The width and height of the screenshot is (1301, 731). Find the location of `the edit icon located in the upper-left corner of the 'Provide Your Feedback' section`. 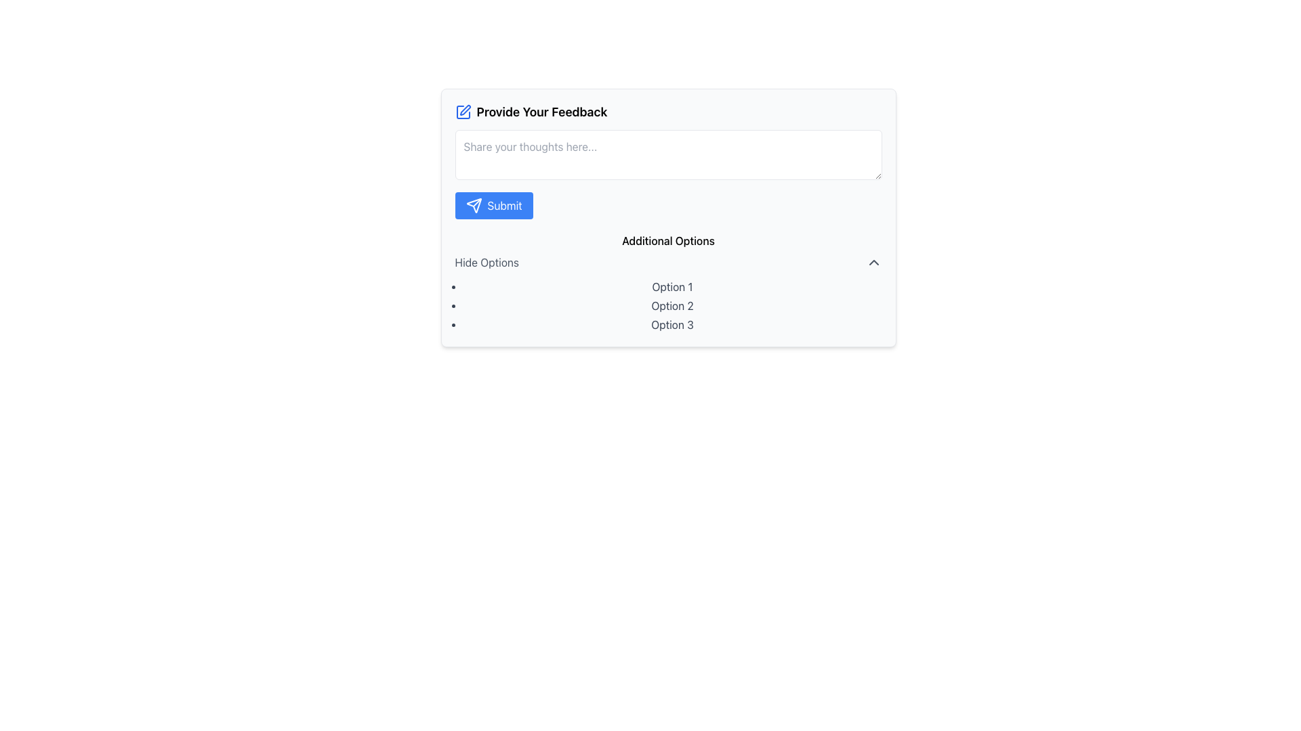

the edit icon located in the upper-left corner of the 'Provide Your Feedback' section is located at coordinates (465, 109).